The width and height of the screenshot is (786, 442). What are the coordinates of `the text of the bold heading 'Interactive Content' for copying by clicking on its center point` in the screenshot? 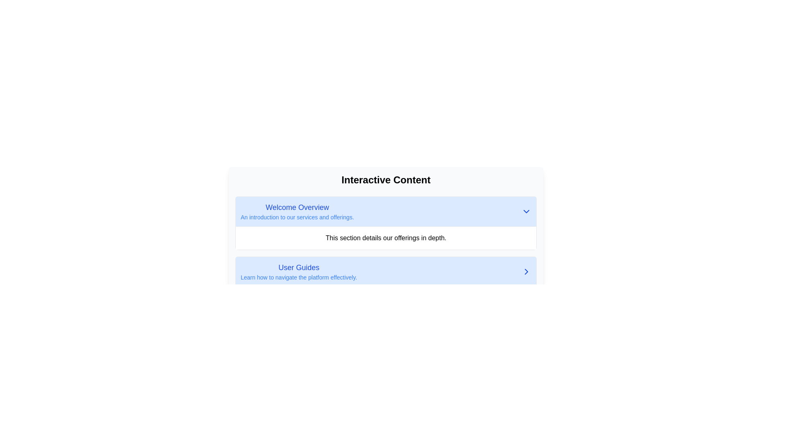 It's located at (385, 179).